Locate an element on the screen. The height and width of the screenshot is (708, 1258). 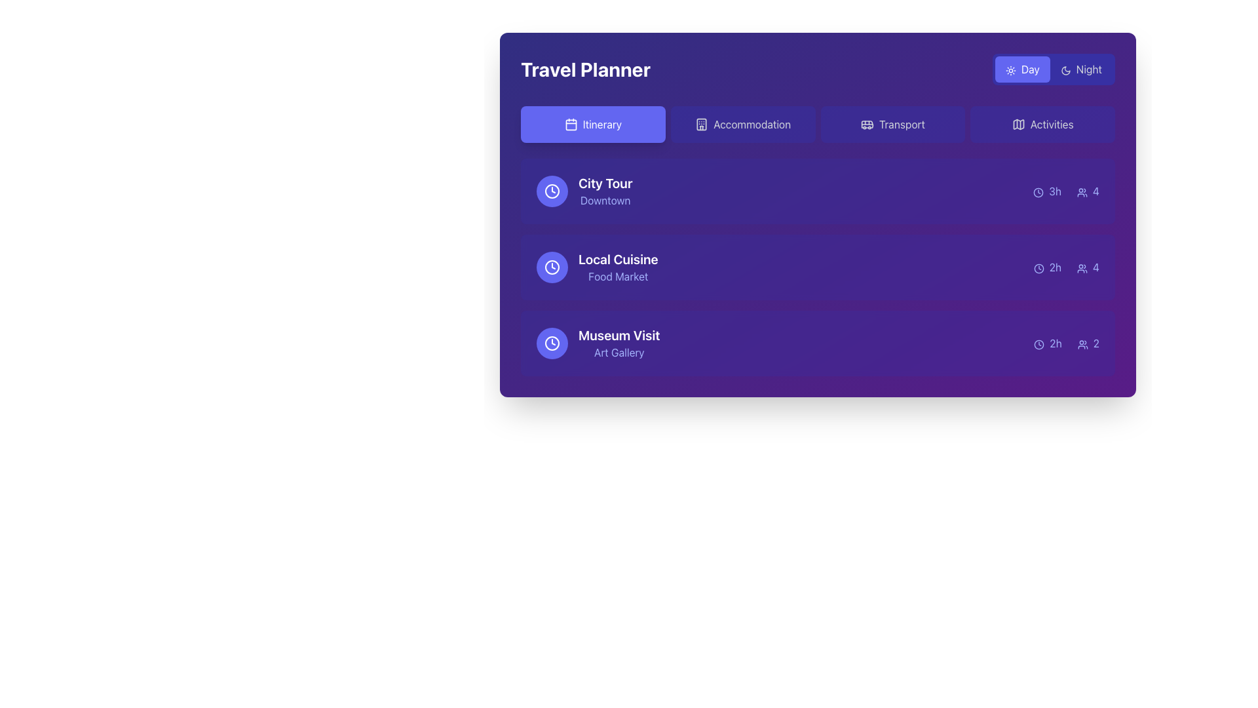
the moon-shaped icon with a thin outline, which is part of the 'Night' button in the top-right corner of the main interface is located at coordinates (1065, 70).